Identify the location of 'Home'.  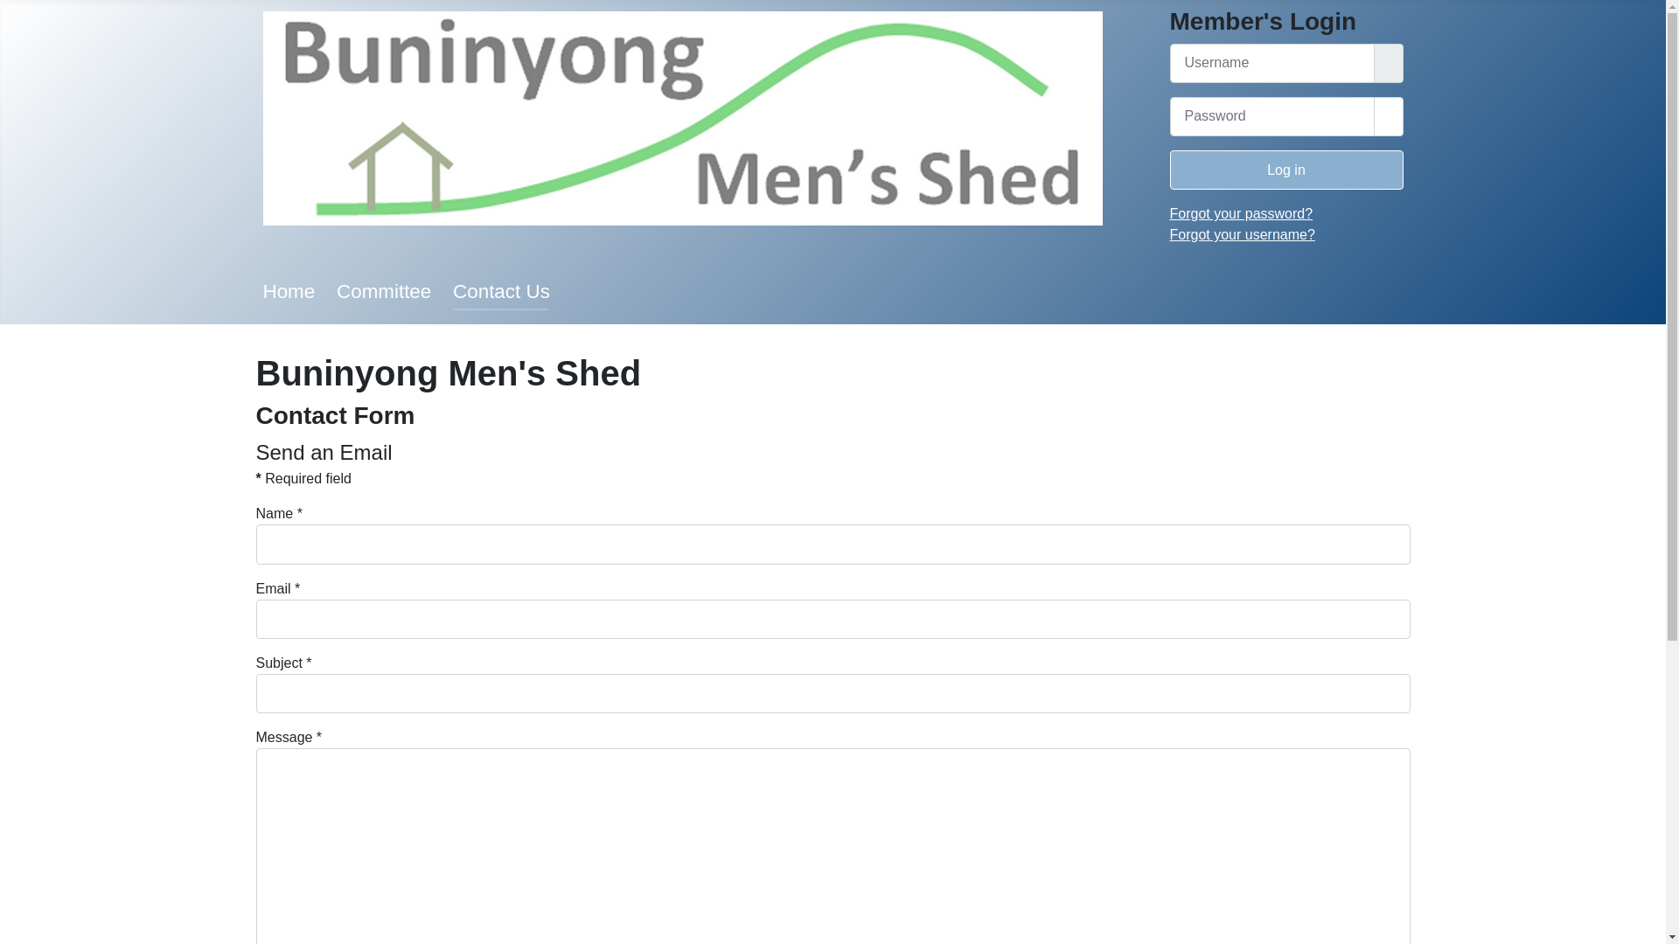
(289, 290).